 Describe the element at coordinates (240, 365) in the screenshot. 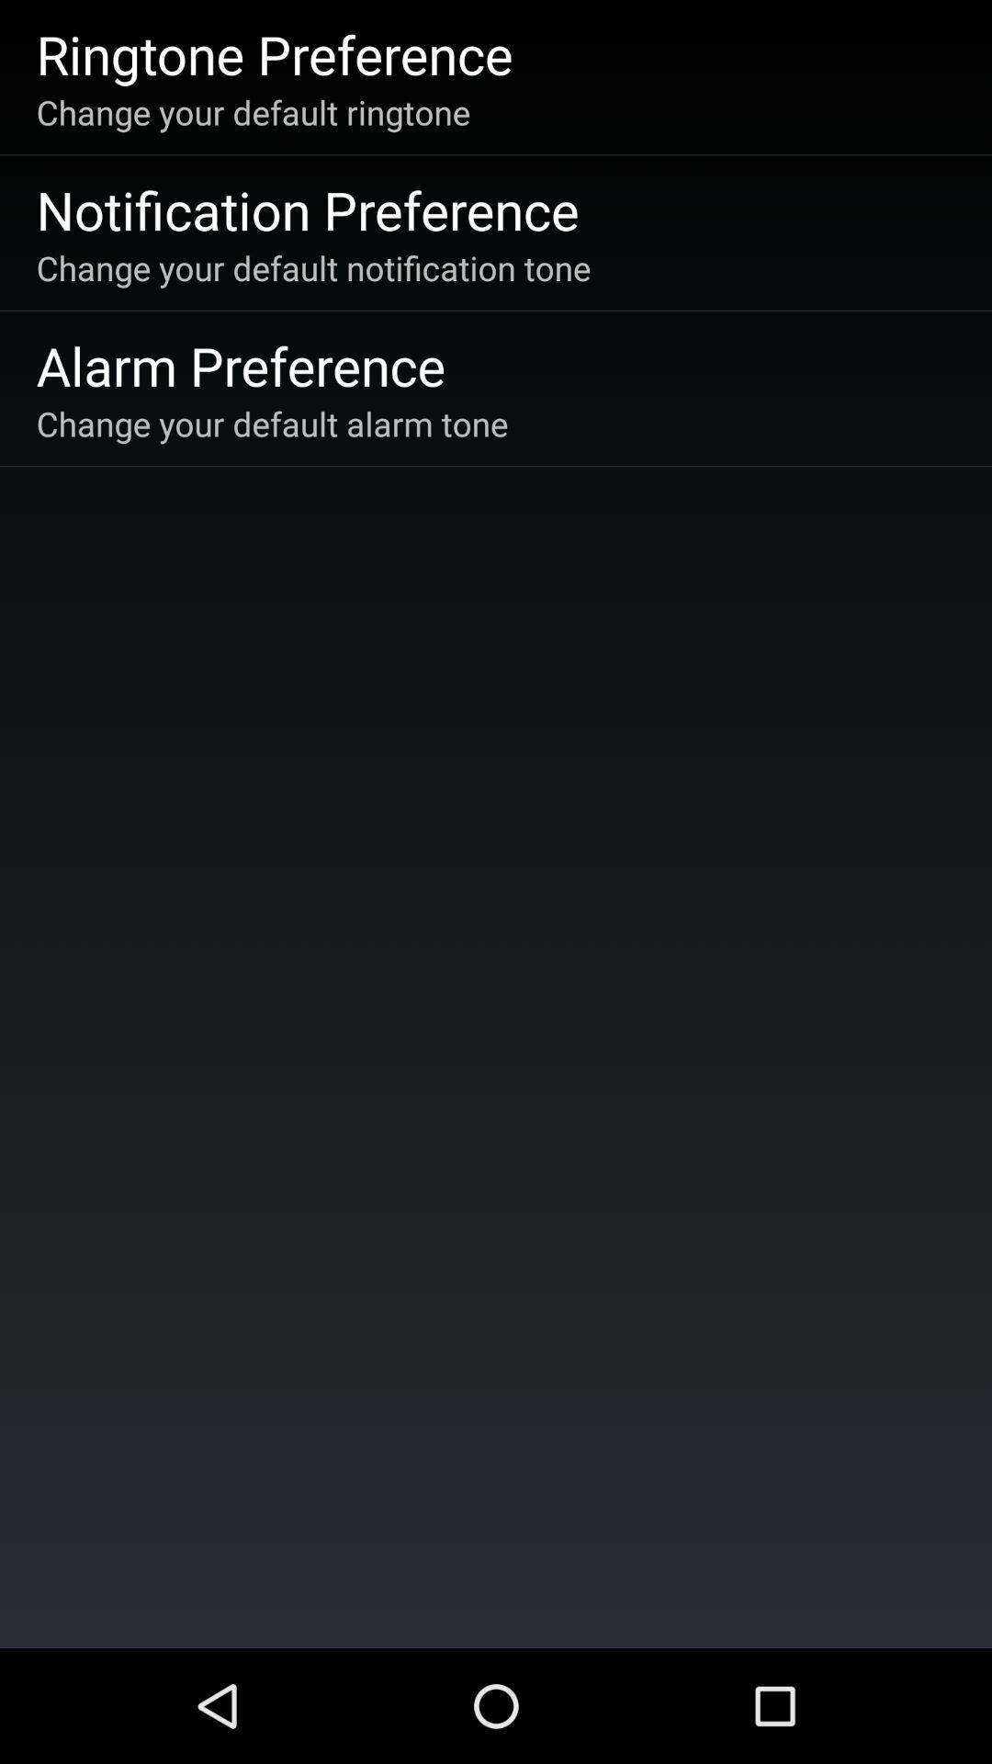

I see `the alarm preference icon` at that location.